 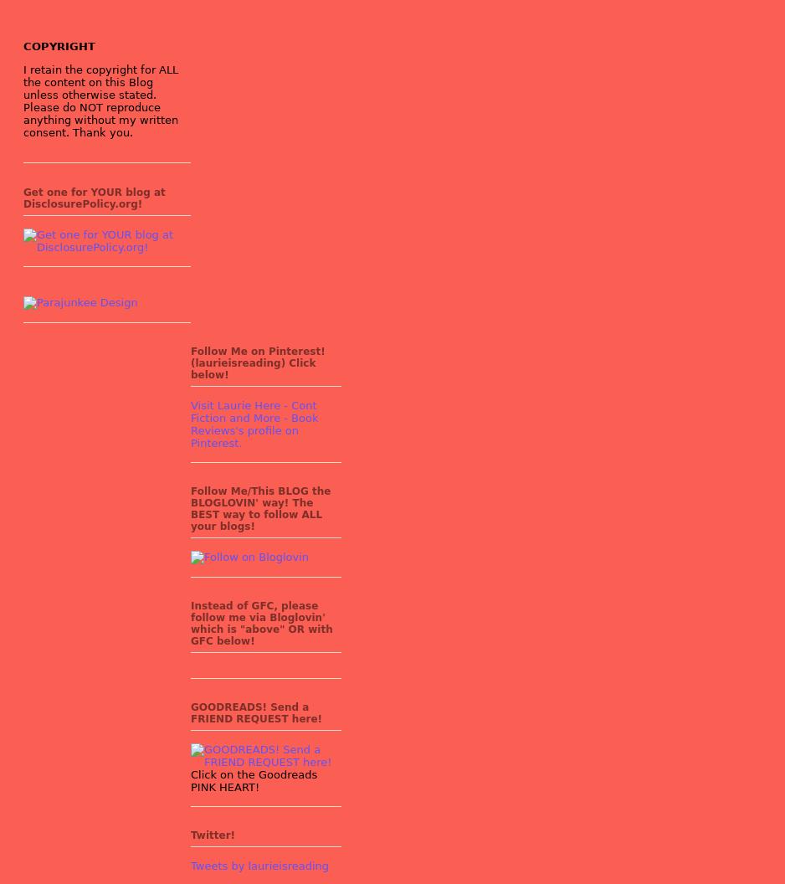 I want to click on 'I retain the copyright for', so click(x=90, y=69).